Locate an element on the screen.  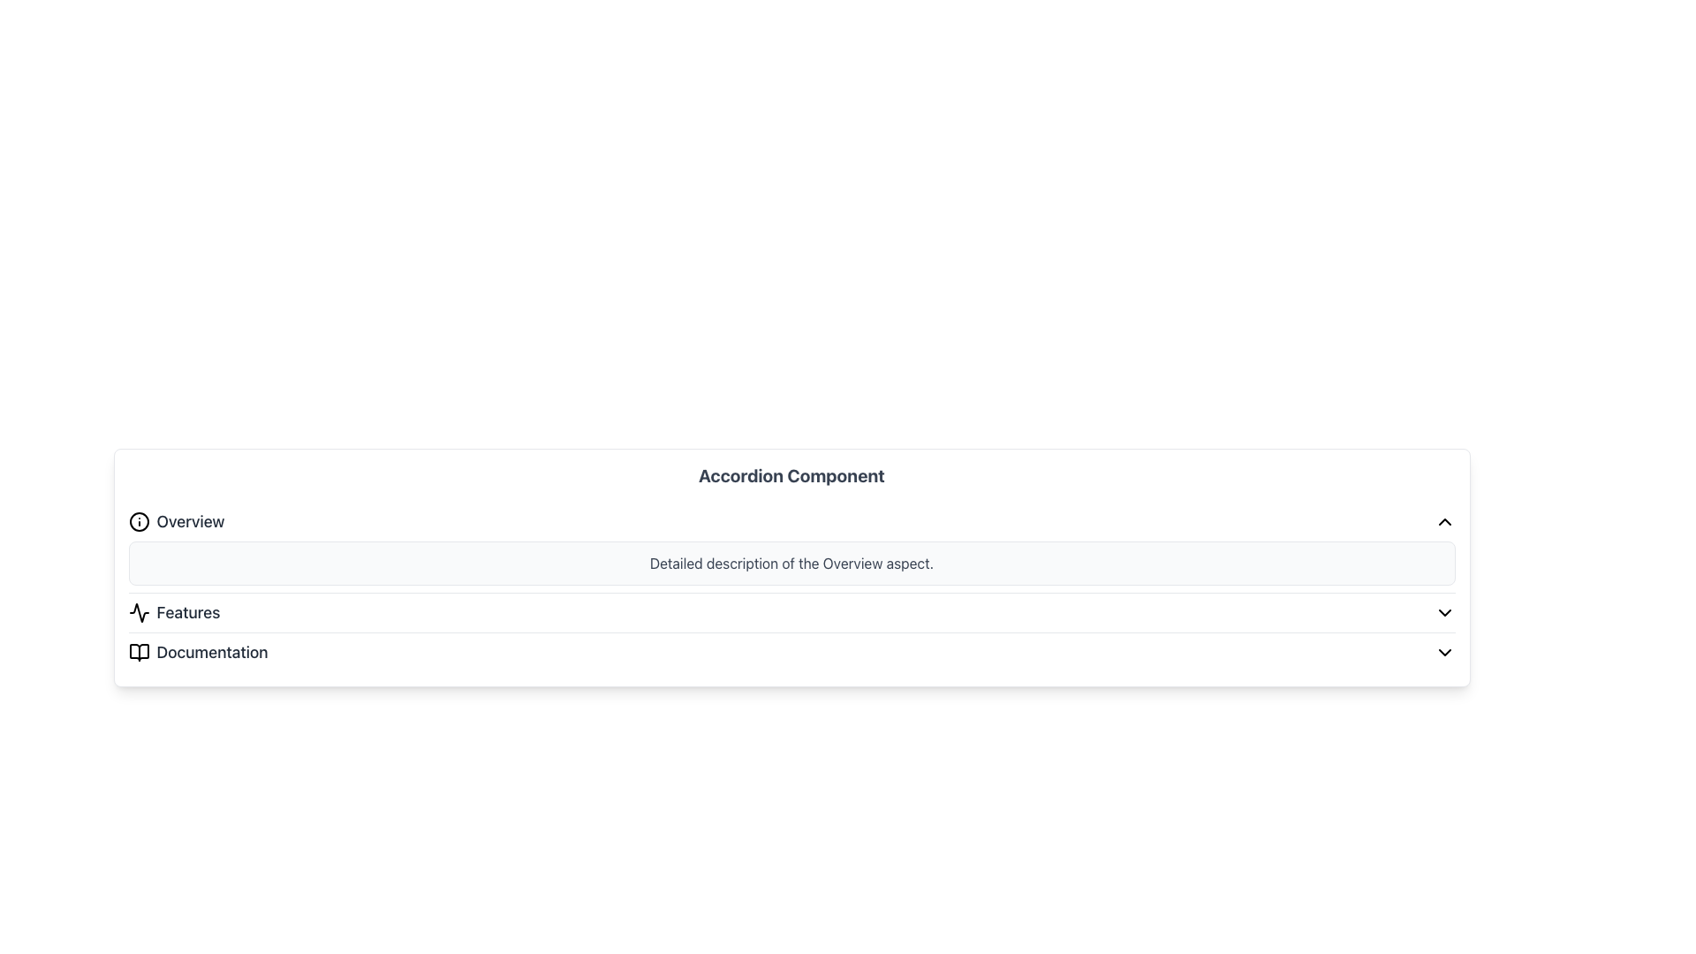
the activity graph icon is located at coordinates (138, 612).